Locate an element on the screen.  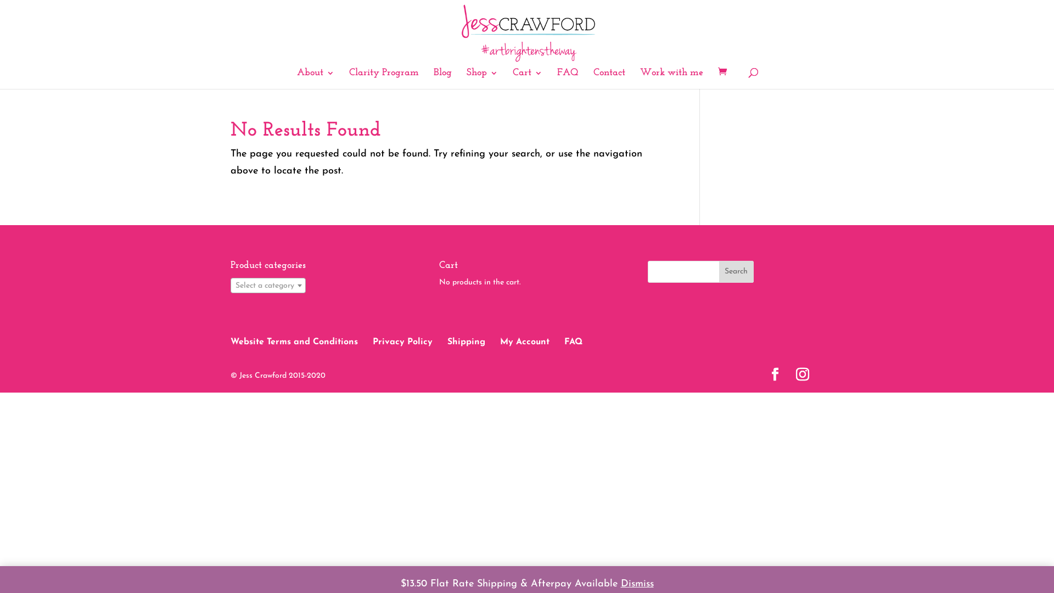
'Cart' is located at coordinates (512, 78).